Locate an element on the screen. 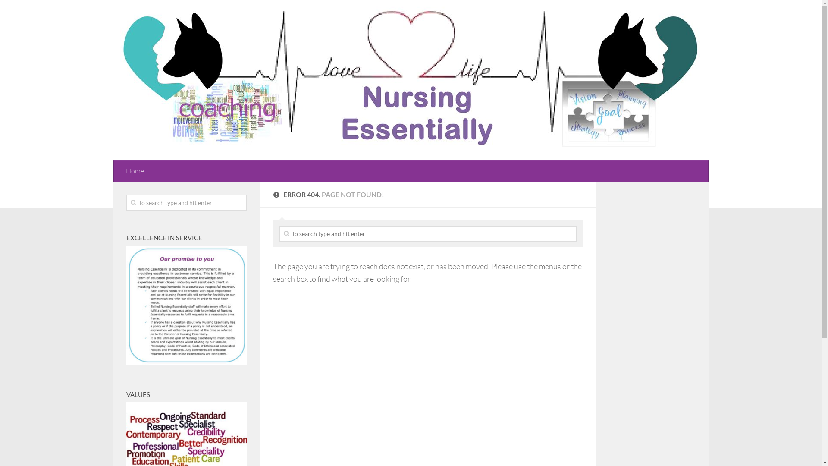 This screenshot has height=466, width=828. 'Home' is located at coordinates (134, 171).